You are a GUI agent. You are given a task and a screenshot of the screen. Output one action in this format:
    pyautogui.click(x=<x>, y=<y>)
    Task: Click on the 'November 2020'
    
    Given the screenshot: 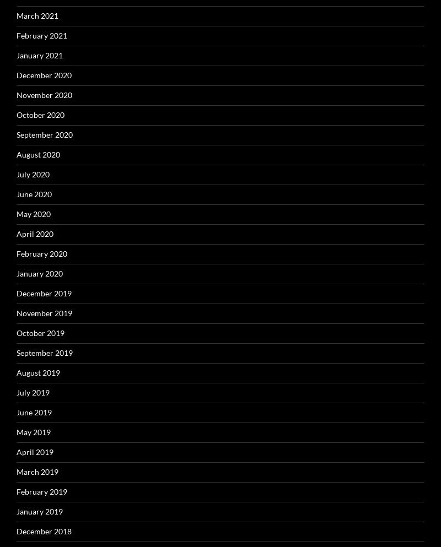 What is the action you would take?
    pyautogui.click(x=44, y=94)
    